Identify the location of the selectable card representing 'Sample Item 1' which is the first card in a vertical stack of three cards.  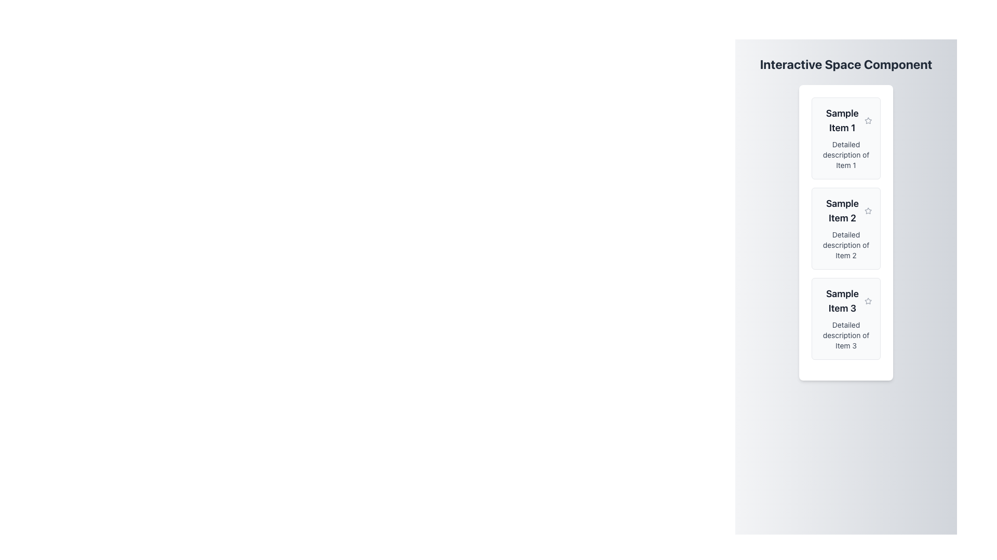
(846, 137).